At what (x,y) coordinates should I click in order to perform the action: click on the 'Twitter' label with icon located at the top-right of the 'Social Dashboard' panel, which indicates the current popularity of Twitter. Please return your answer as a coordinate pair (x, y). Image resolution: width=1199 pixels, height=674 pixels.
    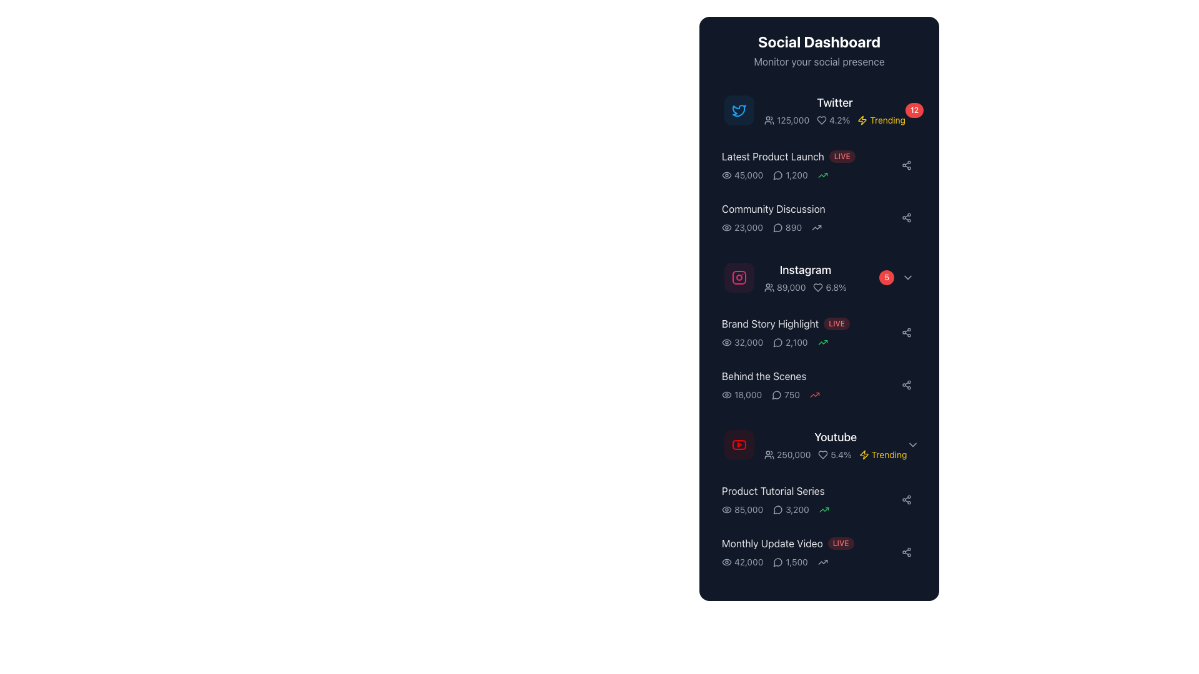
    Looking at the image, I should click on (881, 120).